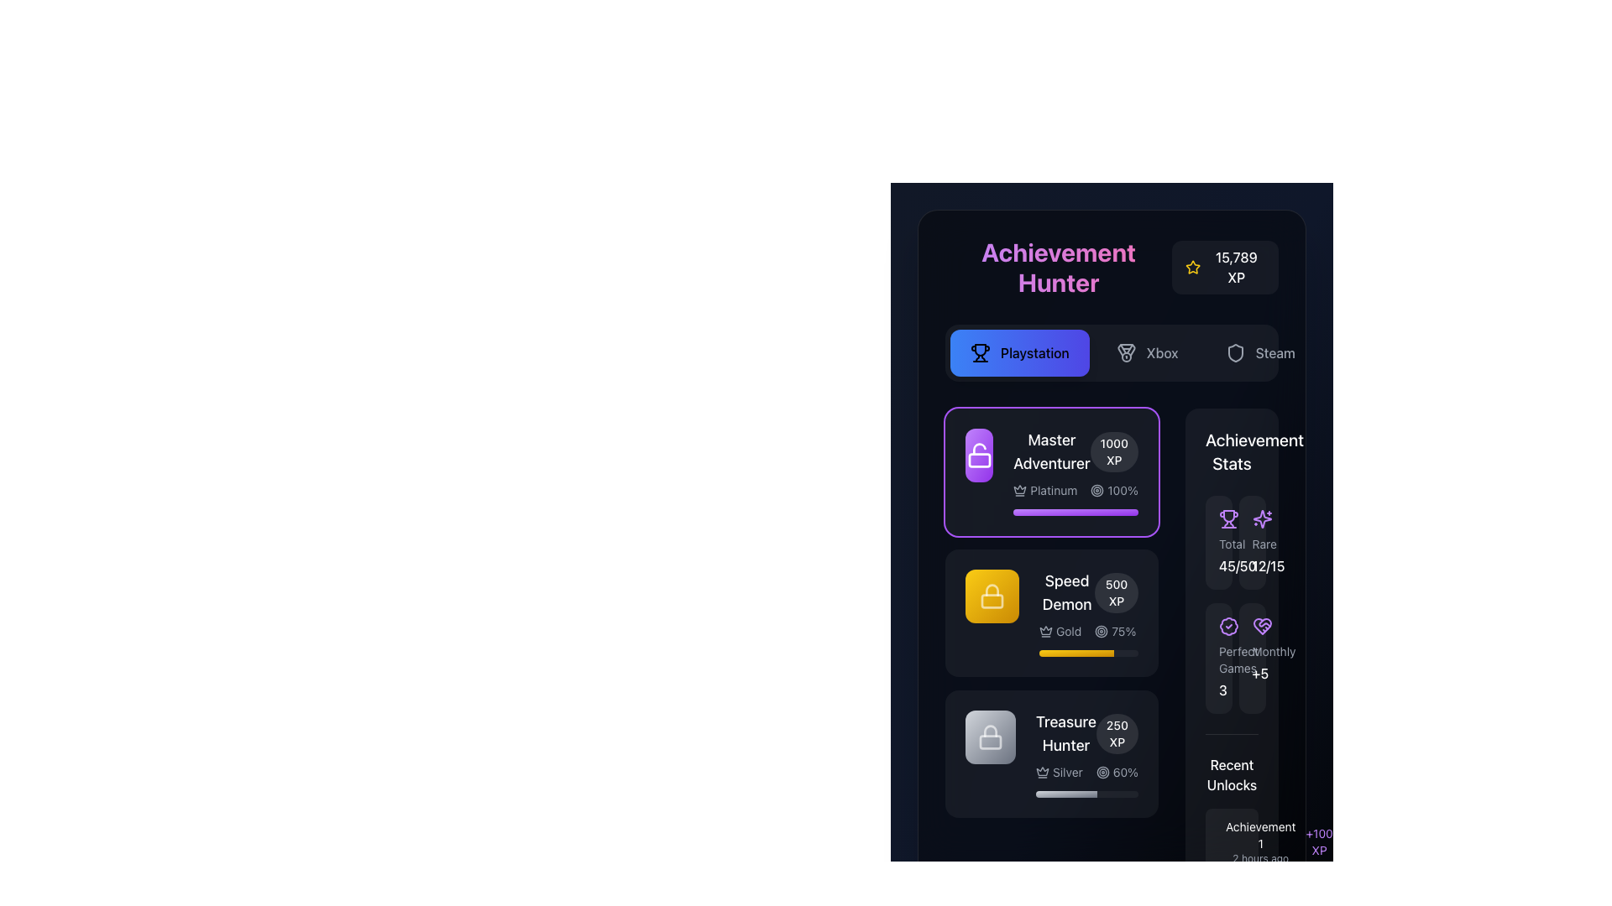 The width and height of the screenshot is (1612, 906). Describe the element at coordinates (1065, 733) in the screenshot. I see `the Text label displaying 'Treasure Hunter' that is centered within a dark rectangular box, located beneath 'Speed Demon' and alongside '250 XP' in the left panel` at that location.